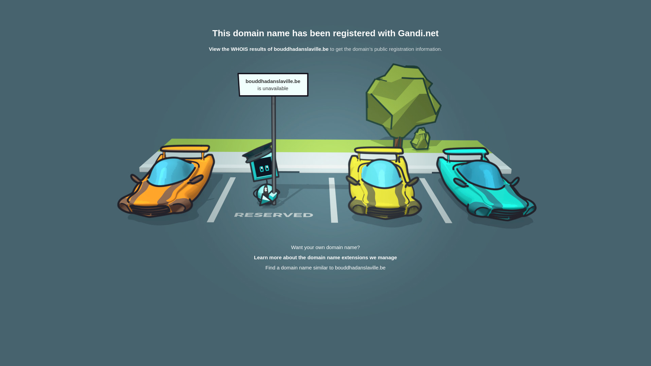 The image size is (651, 366). I want to click on 'Learn more about the domain name extensions we manage', so click(325, 257).